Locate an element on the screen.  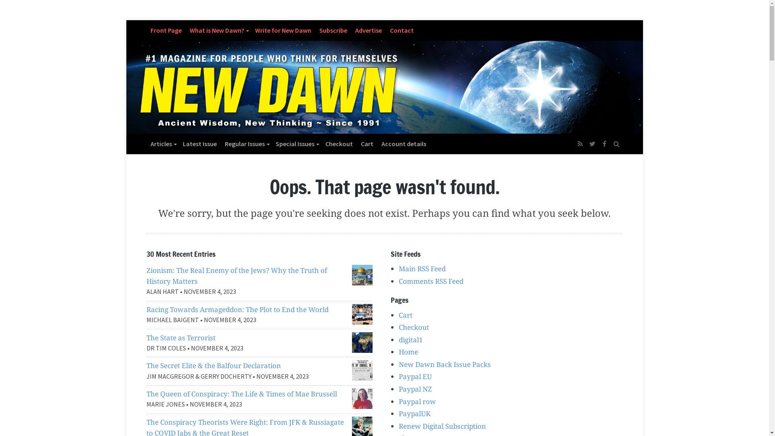
'New Dawn Back Issue Packs' is located at coordinates (444, 364).